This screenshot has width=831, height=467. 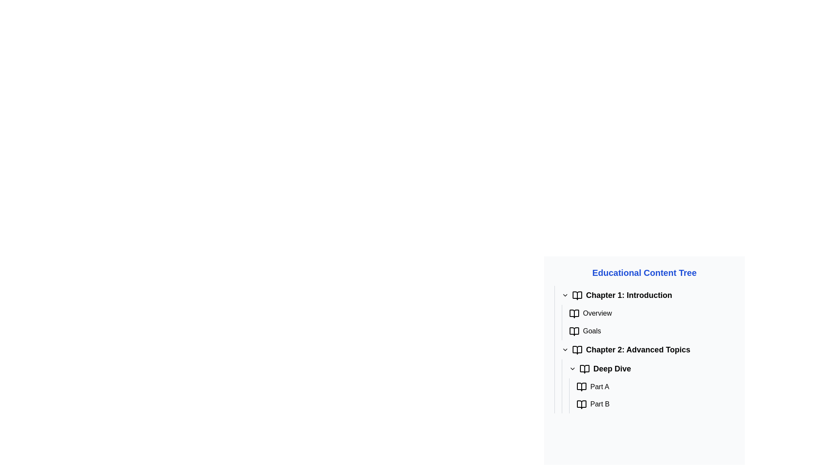 What do you see at coordinates (593, 404) in the screenshot?
I see `the 'Part B' Label with Icon, which is the second item under the 'Deep Dive' submenu in 'Chapter 2: Advanced Topics'` at bounding box center [593, 404].